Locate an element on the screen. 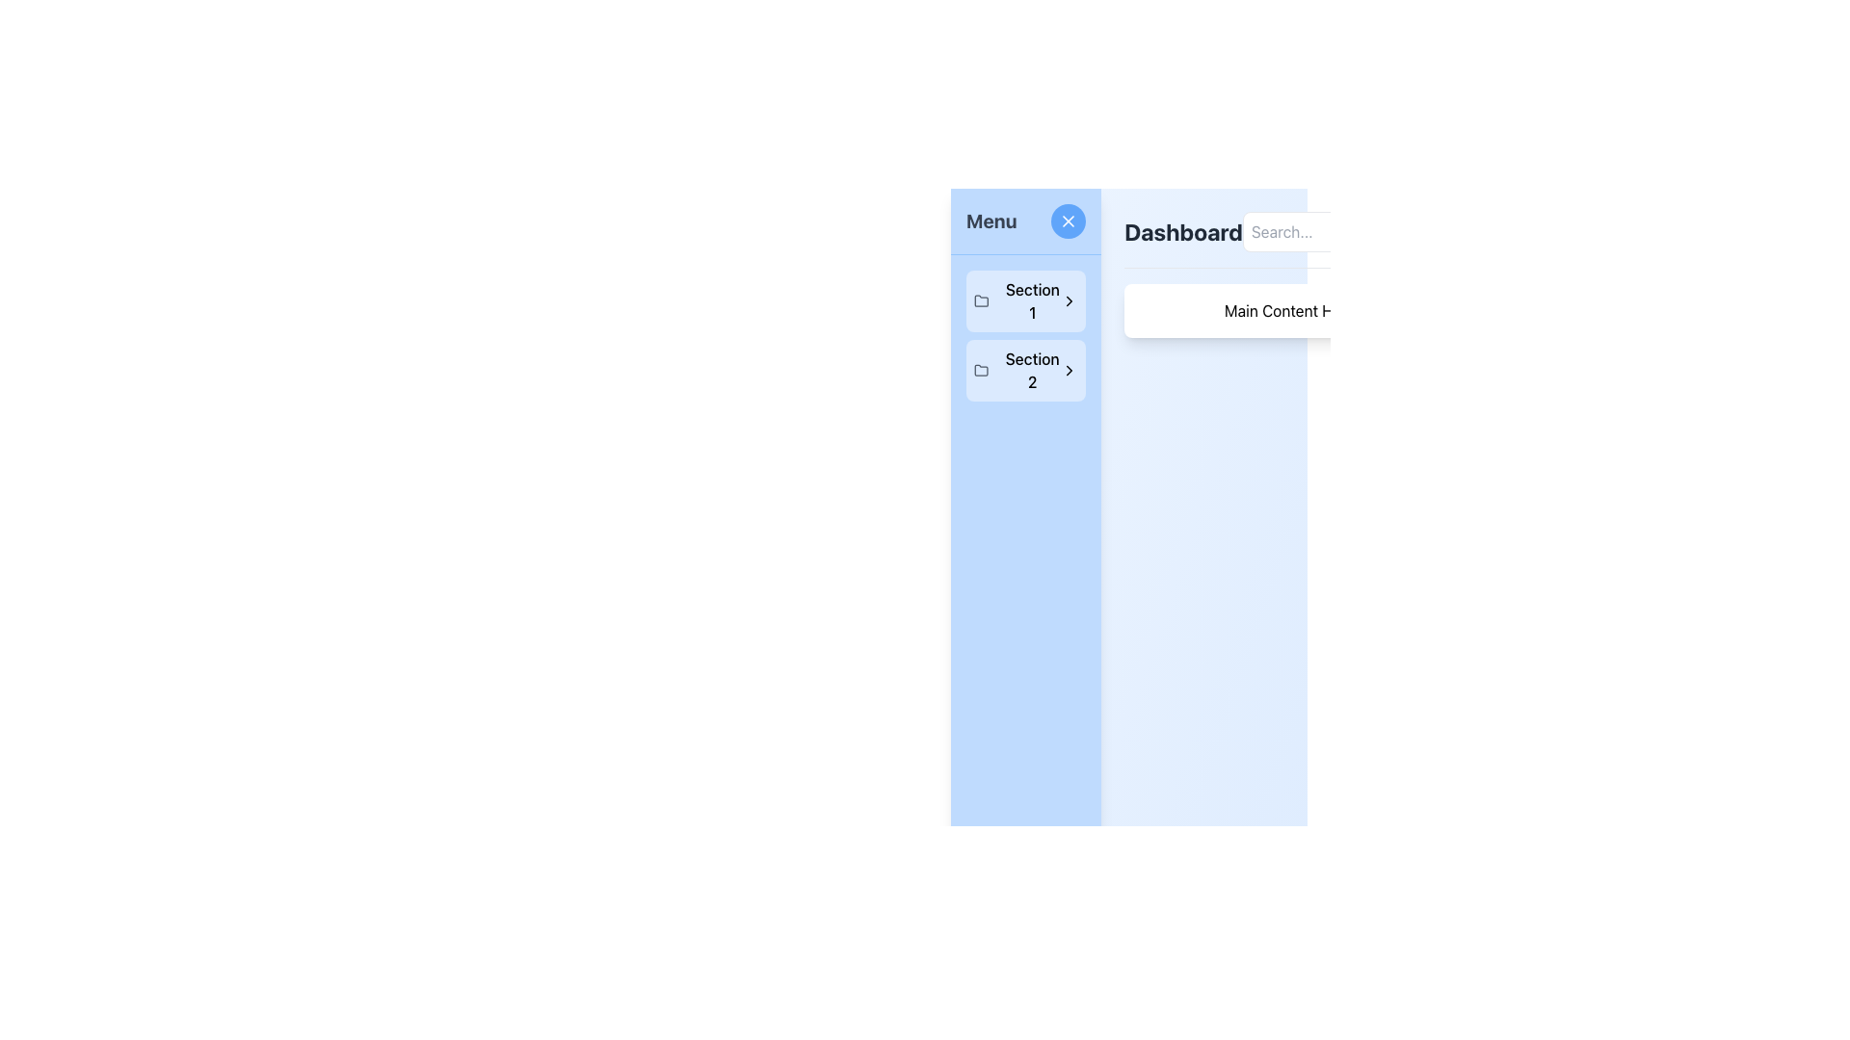  the button located to the right of the 'Menu' label, which serves is located at coordinates (1068, 221).